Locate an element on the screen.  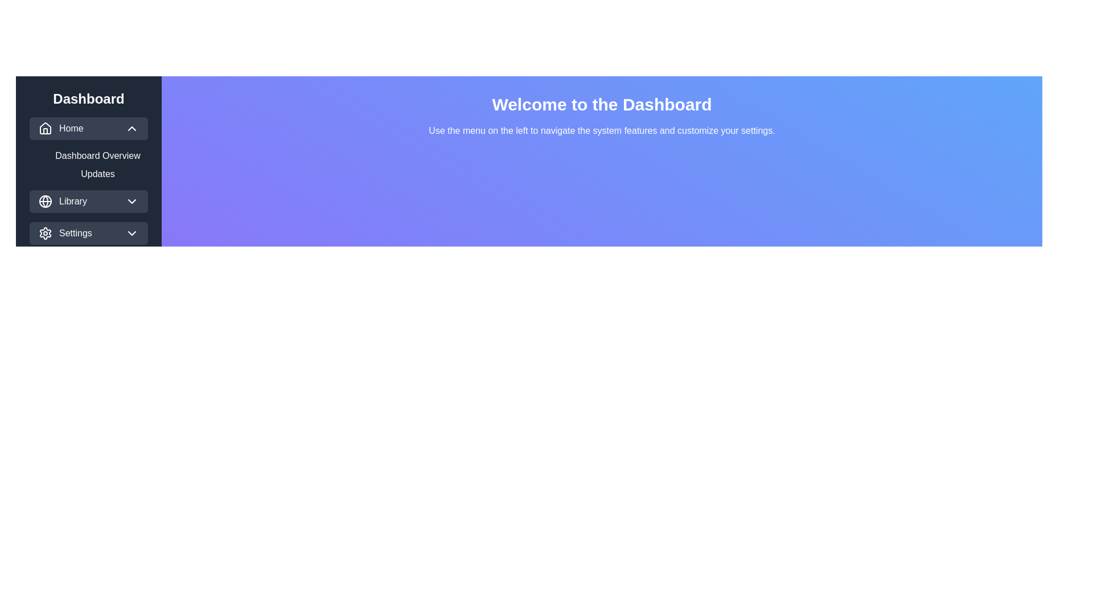
the 'Updates' text label in the sidebar menu to trigger the color change effect to purple is located at coordinates (88, 180).